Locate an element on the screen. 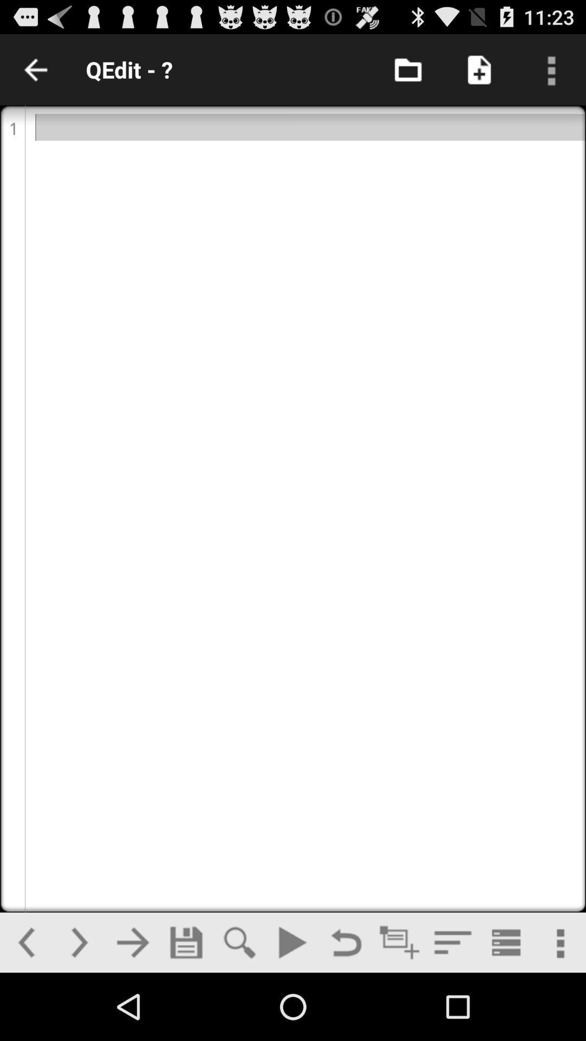 Image resolution: width=586 pixels, height=1041 pixels. menu option is located at coordinates (453, 942).